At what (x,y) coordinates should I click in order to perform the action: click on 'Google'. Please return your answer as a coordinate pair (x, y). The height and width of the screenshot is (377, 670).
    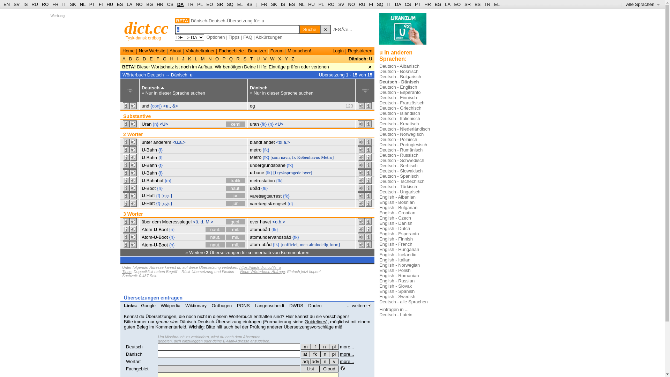
    Looking at the image, I should click on (148, 305).